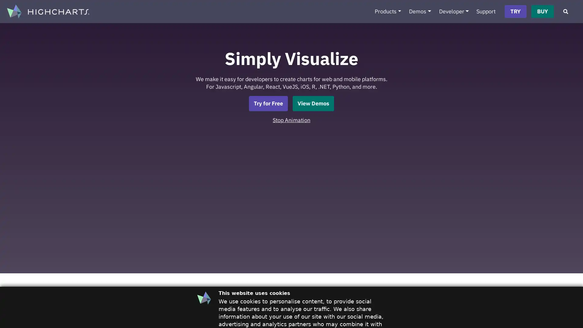 The height and width of the screenshot is (328, 583). Describe the element at coordinates (565, 12) in the screenshot. I see `Open search field` at that location.